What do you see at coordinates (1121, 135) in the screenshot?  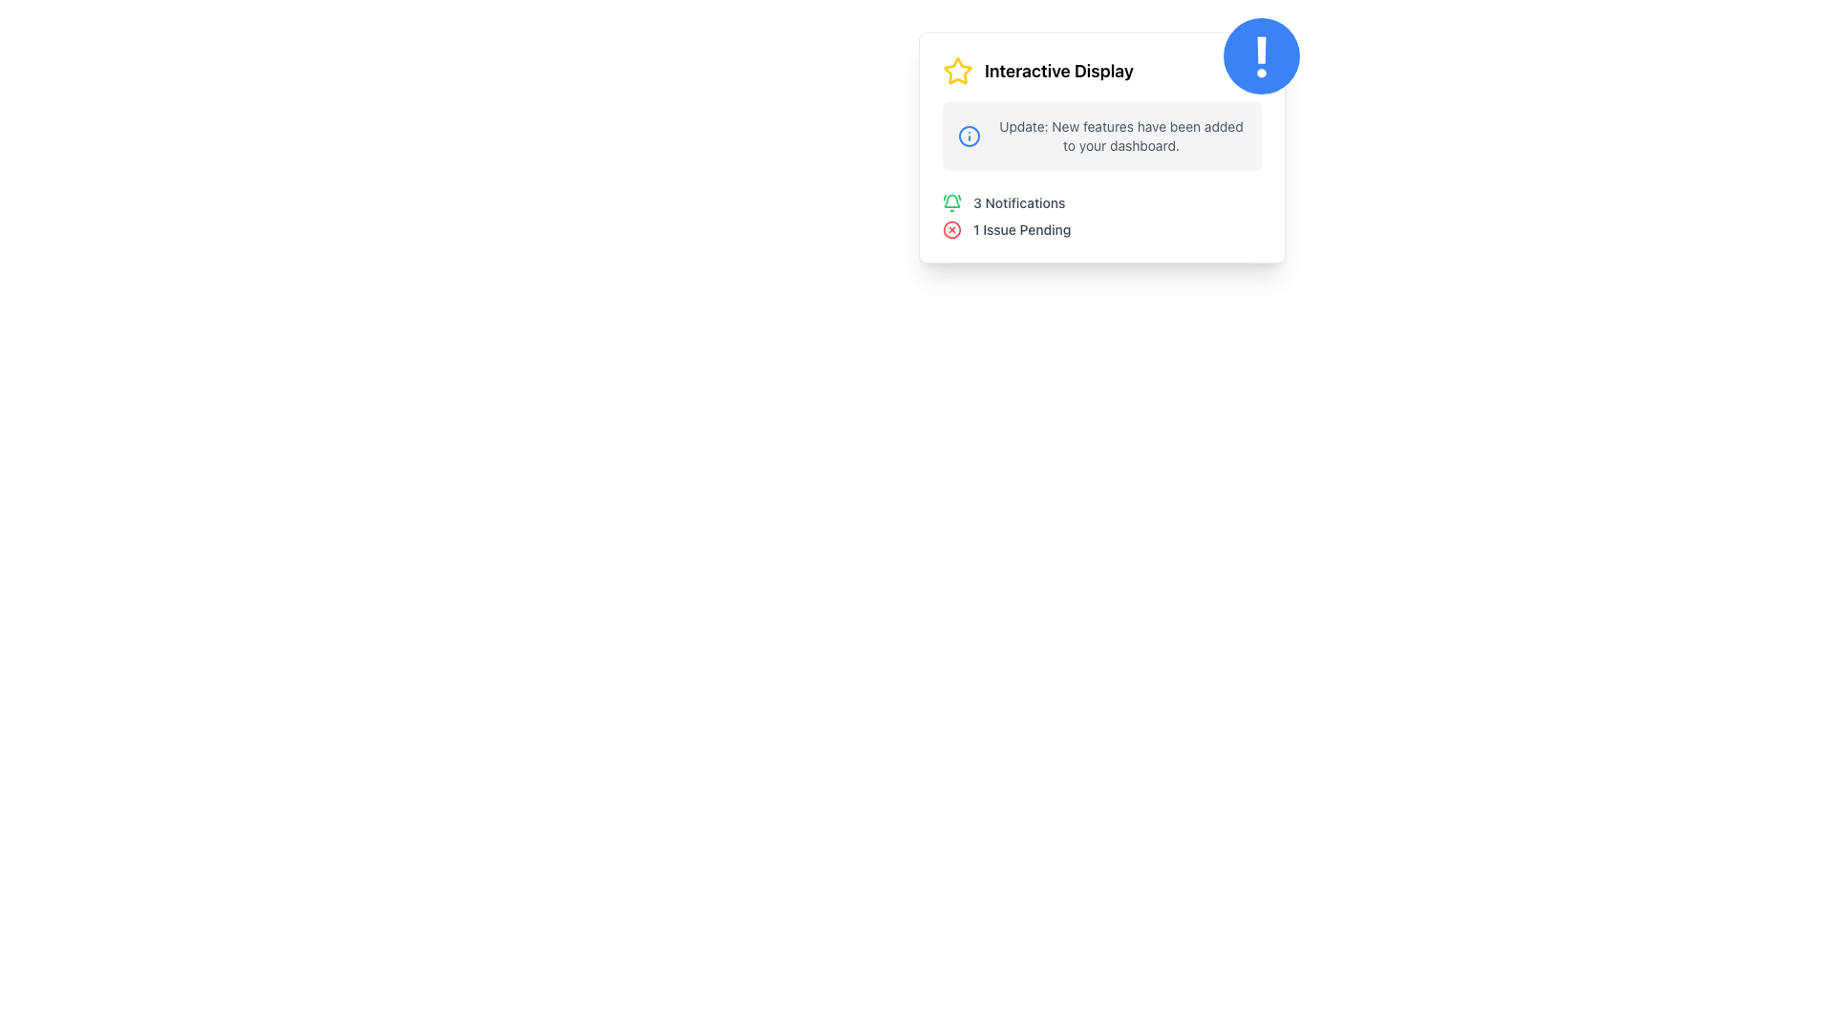 I see `the primary text displaying the message 'Update: New features have been added to your dashboard.' which is centrally positioned beneath an information icon` at bounding box center [1121, 135].